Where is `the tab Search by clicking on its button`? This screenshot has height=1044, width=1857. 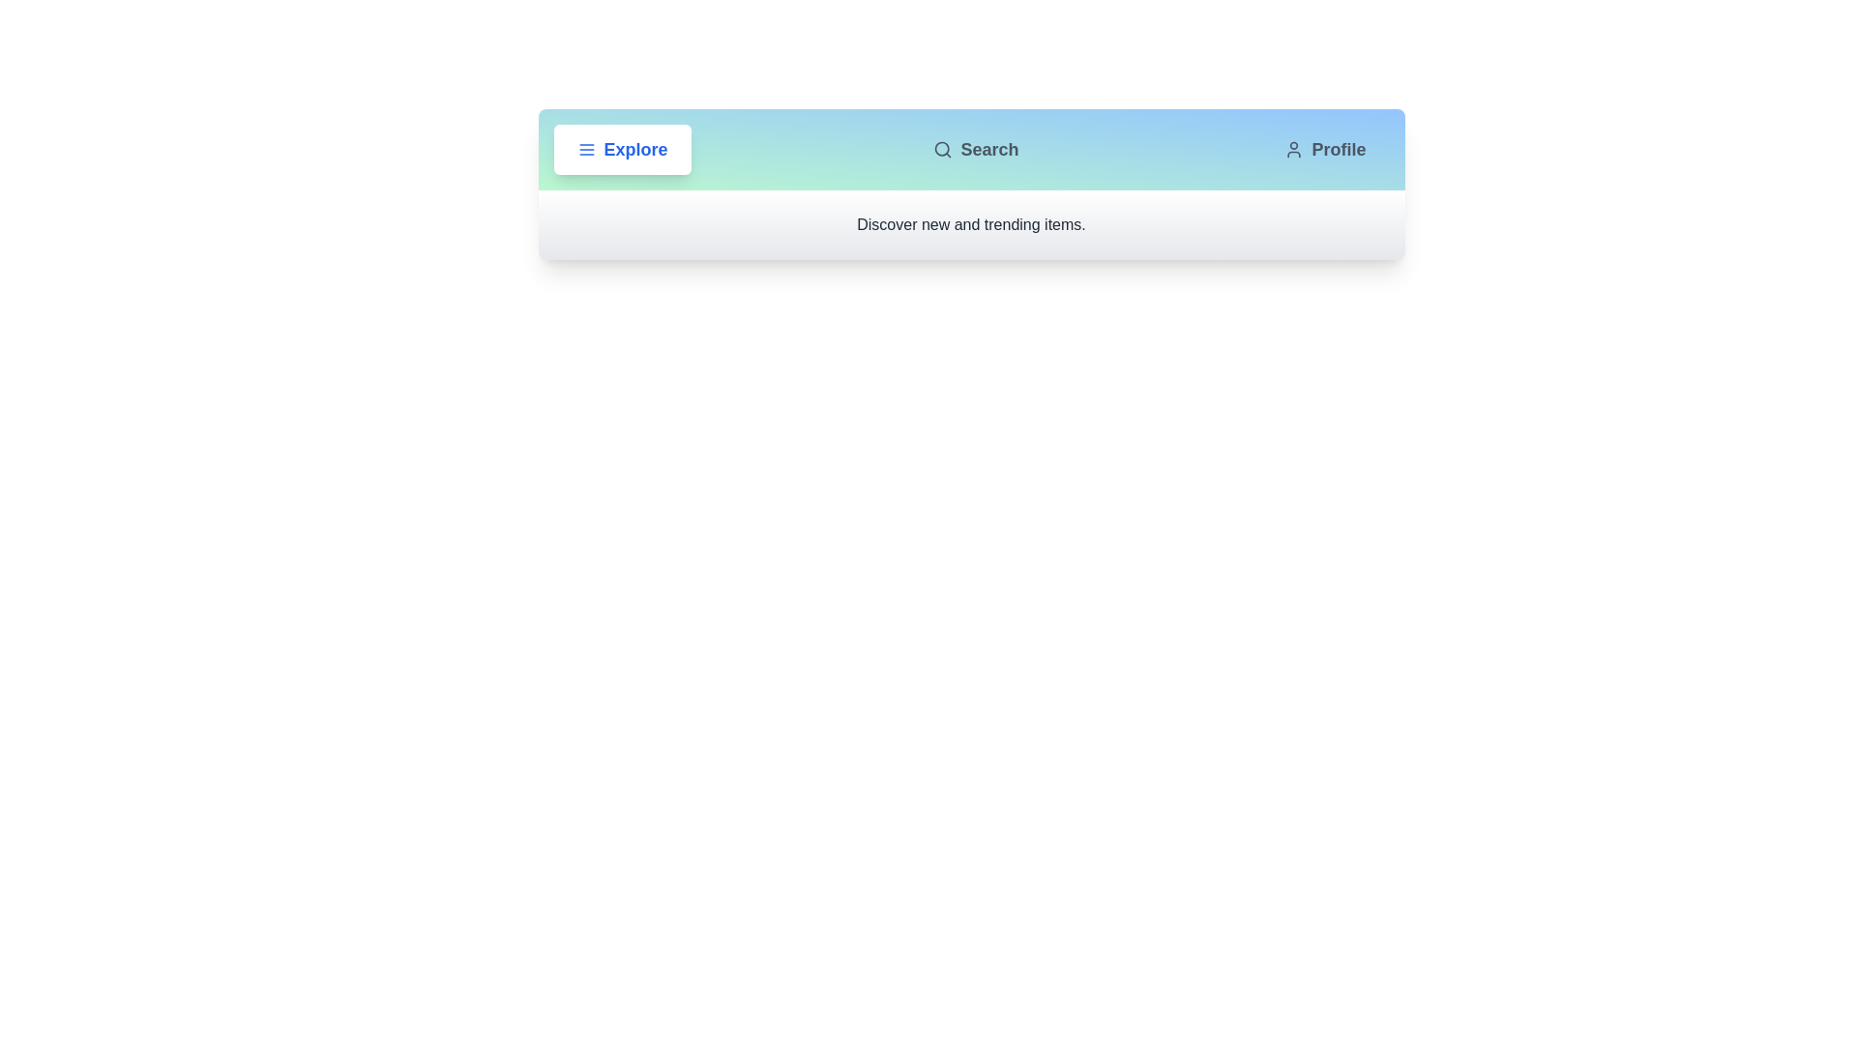
the tab Search by clicking on its button is located at coordinates (976, 148).